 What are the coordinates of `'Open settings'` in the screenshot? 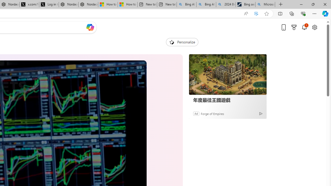 It's located at (314, 27).